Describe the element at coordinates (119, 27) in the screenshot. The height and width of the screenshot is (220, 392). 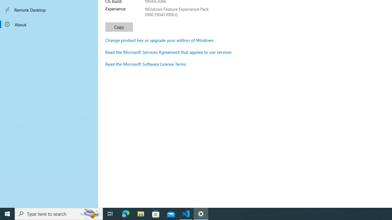
I see `'Copy'` at that location.